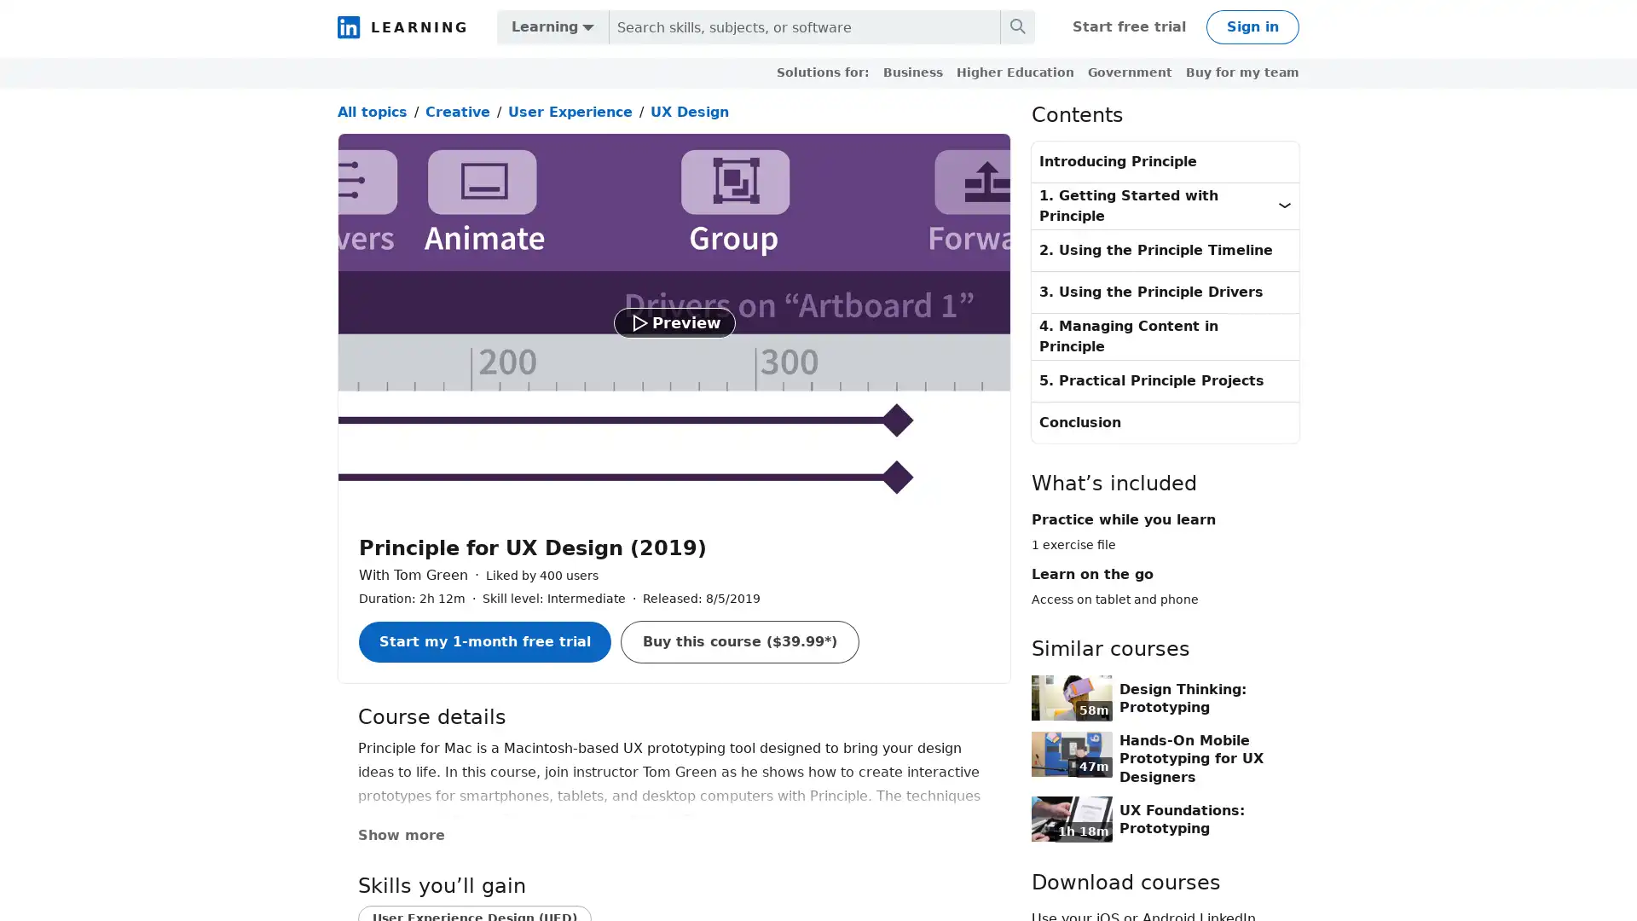  Describe the element at coordinates (413, 834) in the screenshot. I see `Show more, visually expands previously read content above` at that location.